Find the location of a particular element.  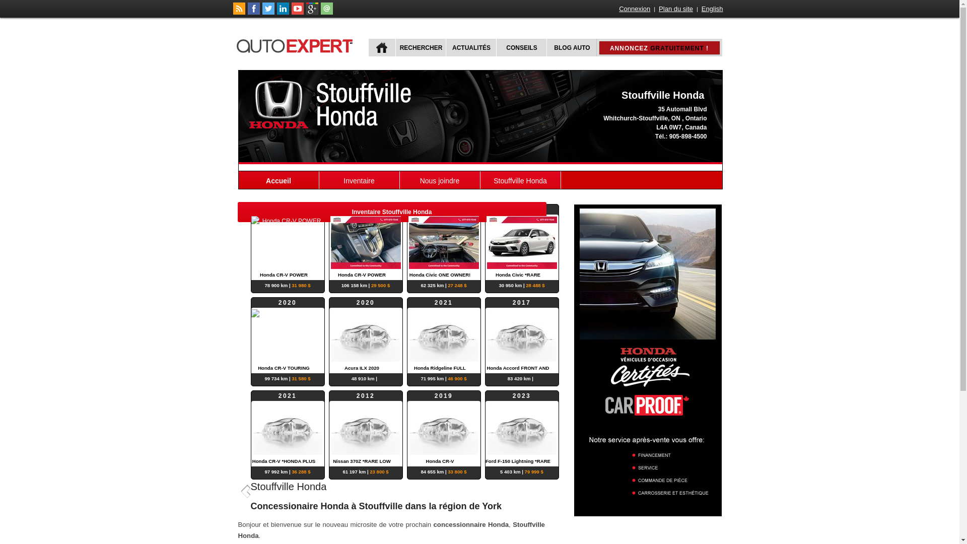

'Connexion' is located at coordinates (634, 9).